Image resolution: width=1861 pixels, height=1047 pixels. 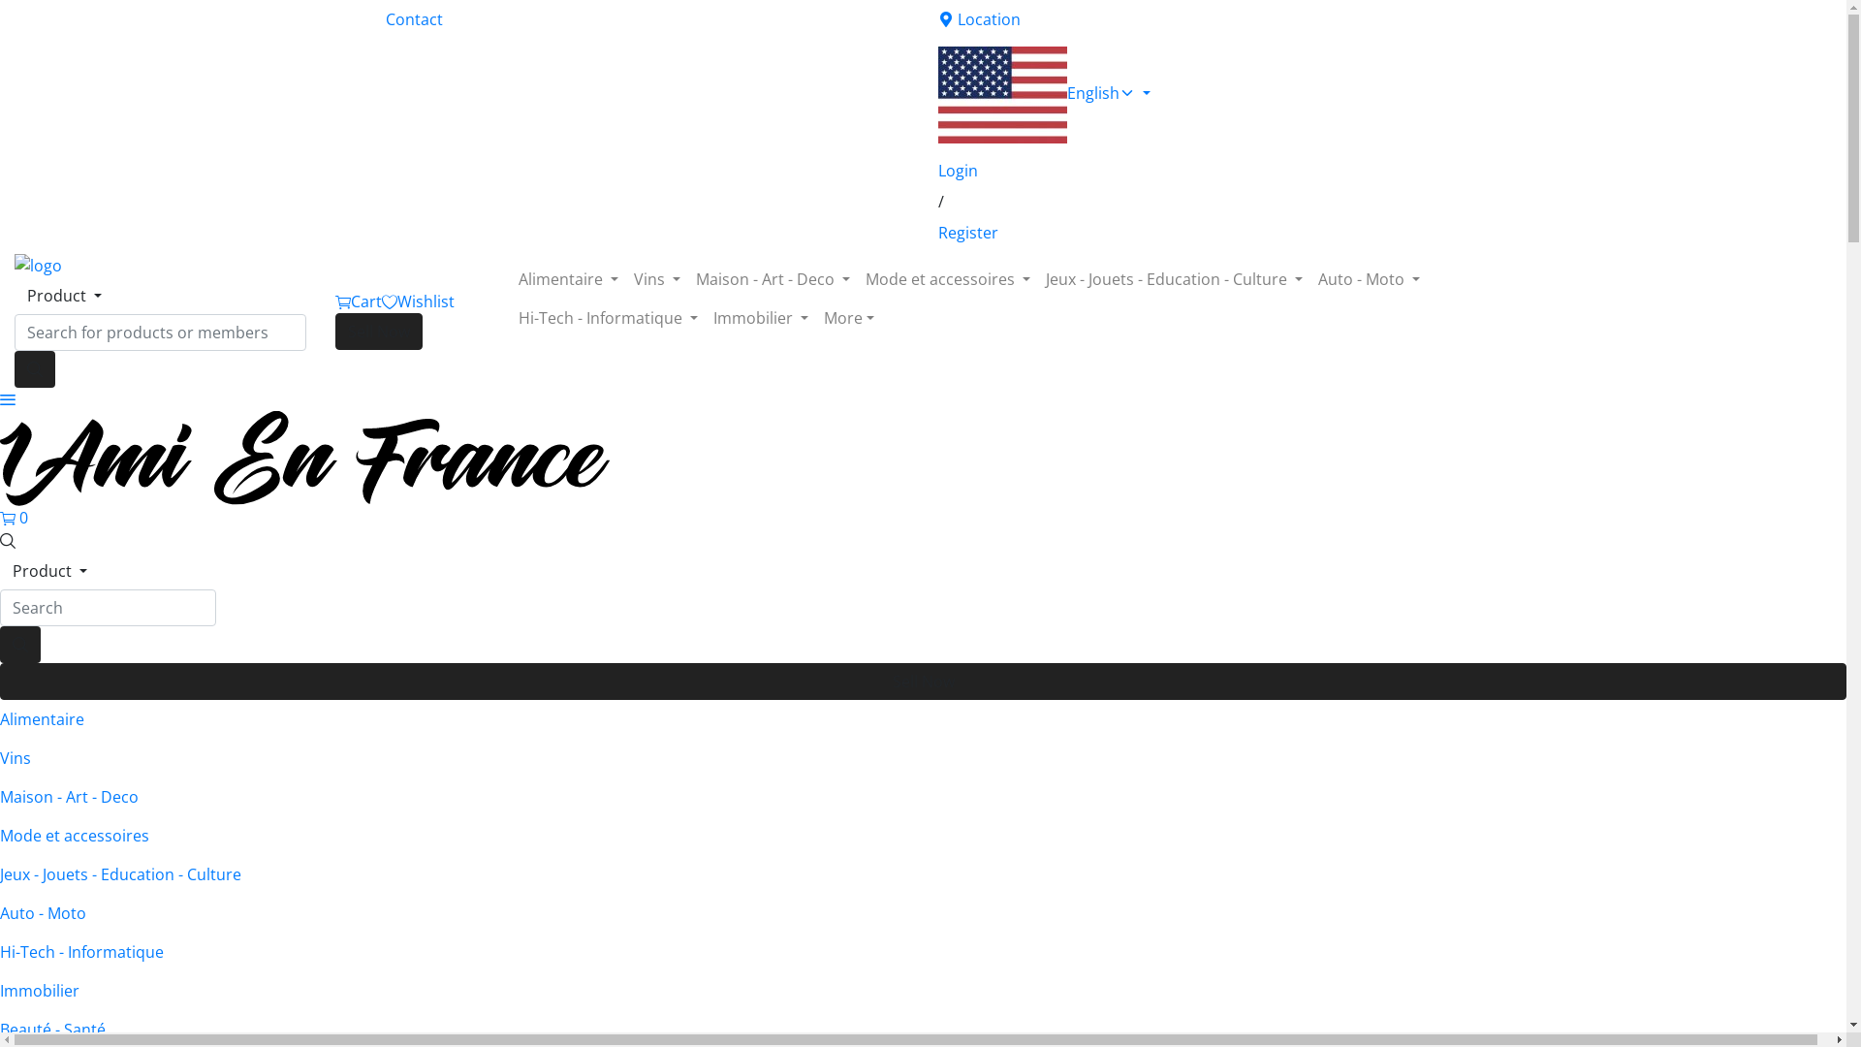 What do you see at coordinates (0, 874) in the screenshot?
I see `'Jeux - Jouets - Education - Culture'` at bounding box center [0, 874].